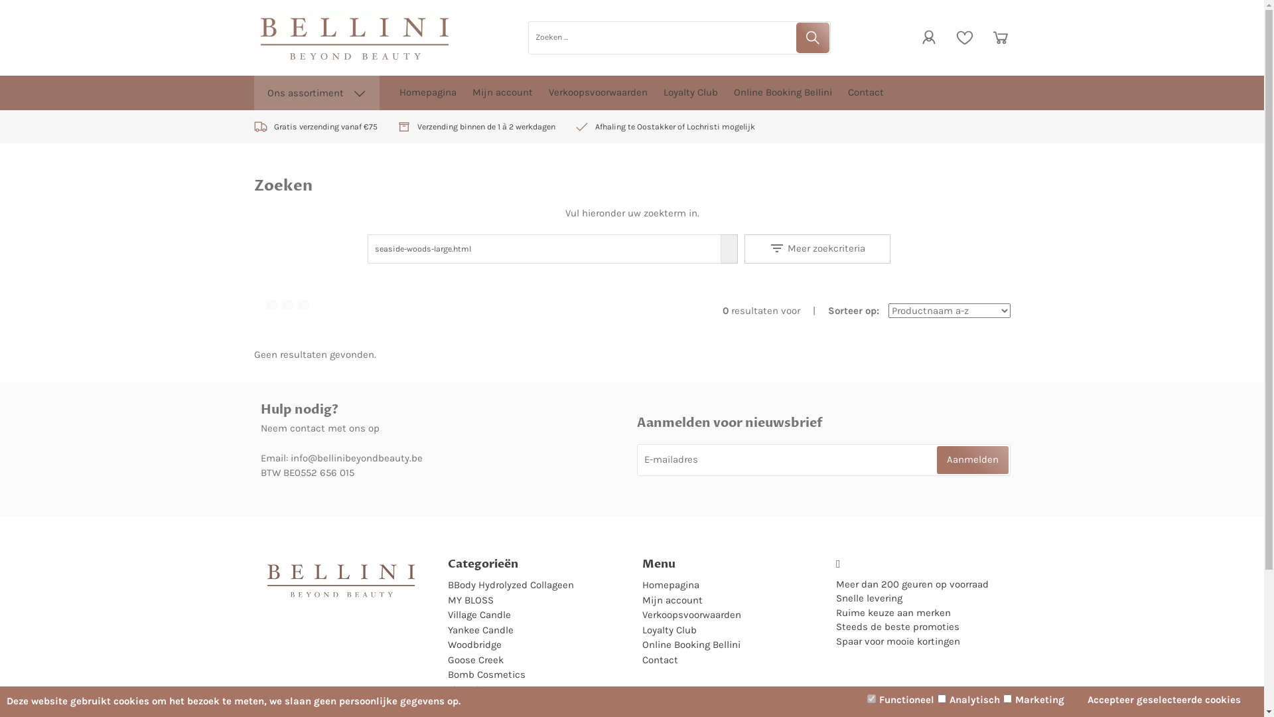 This screenshot has height=717, width=1274. What do you see at coordinates (690, 92) in the screenshot?
I see `'Loyalty Club'` at bounding box center [690, 92].